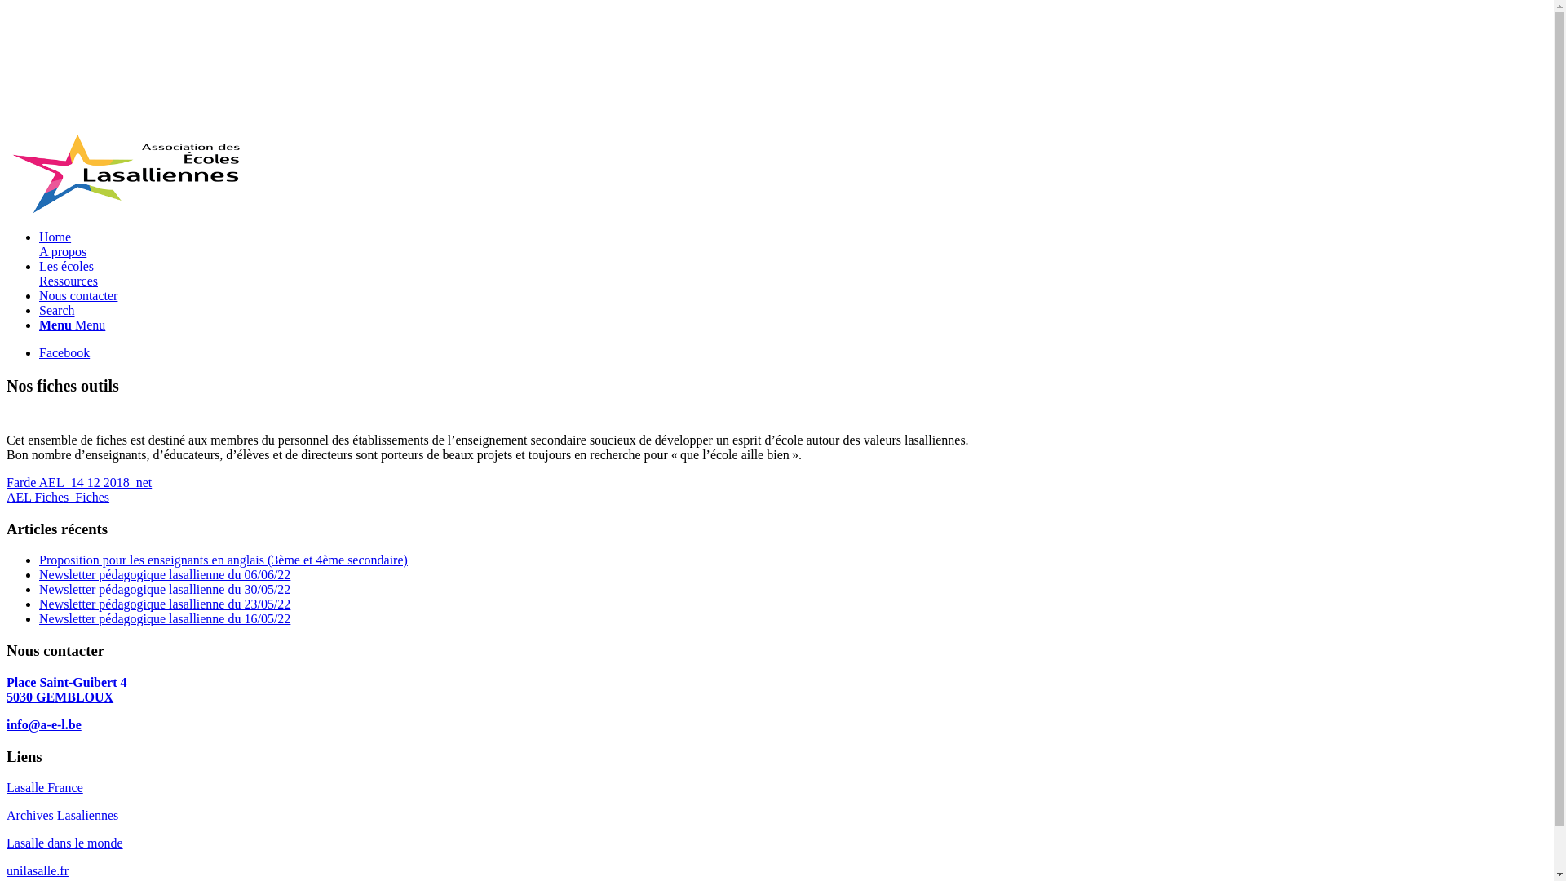 The image size is (1566, 881). I want to click on 'Ressources', so click(67, 280).